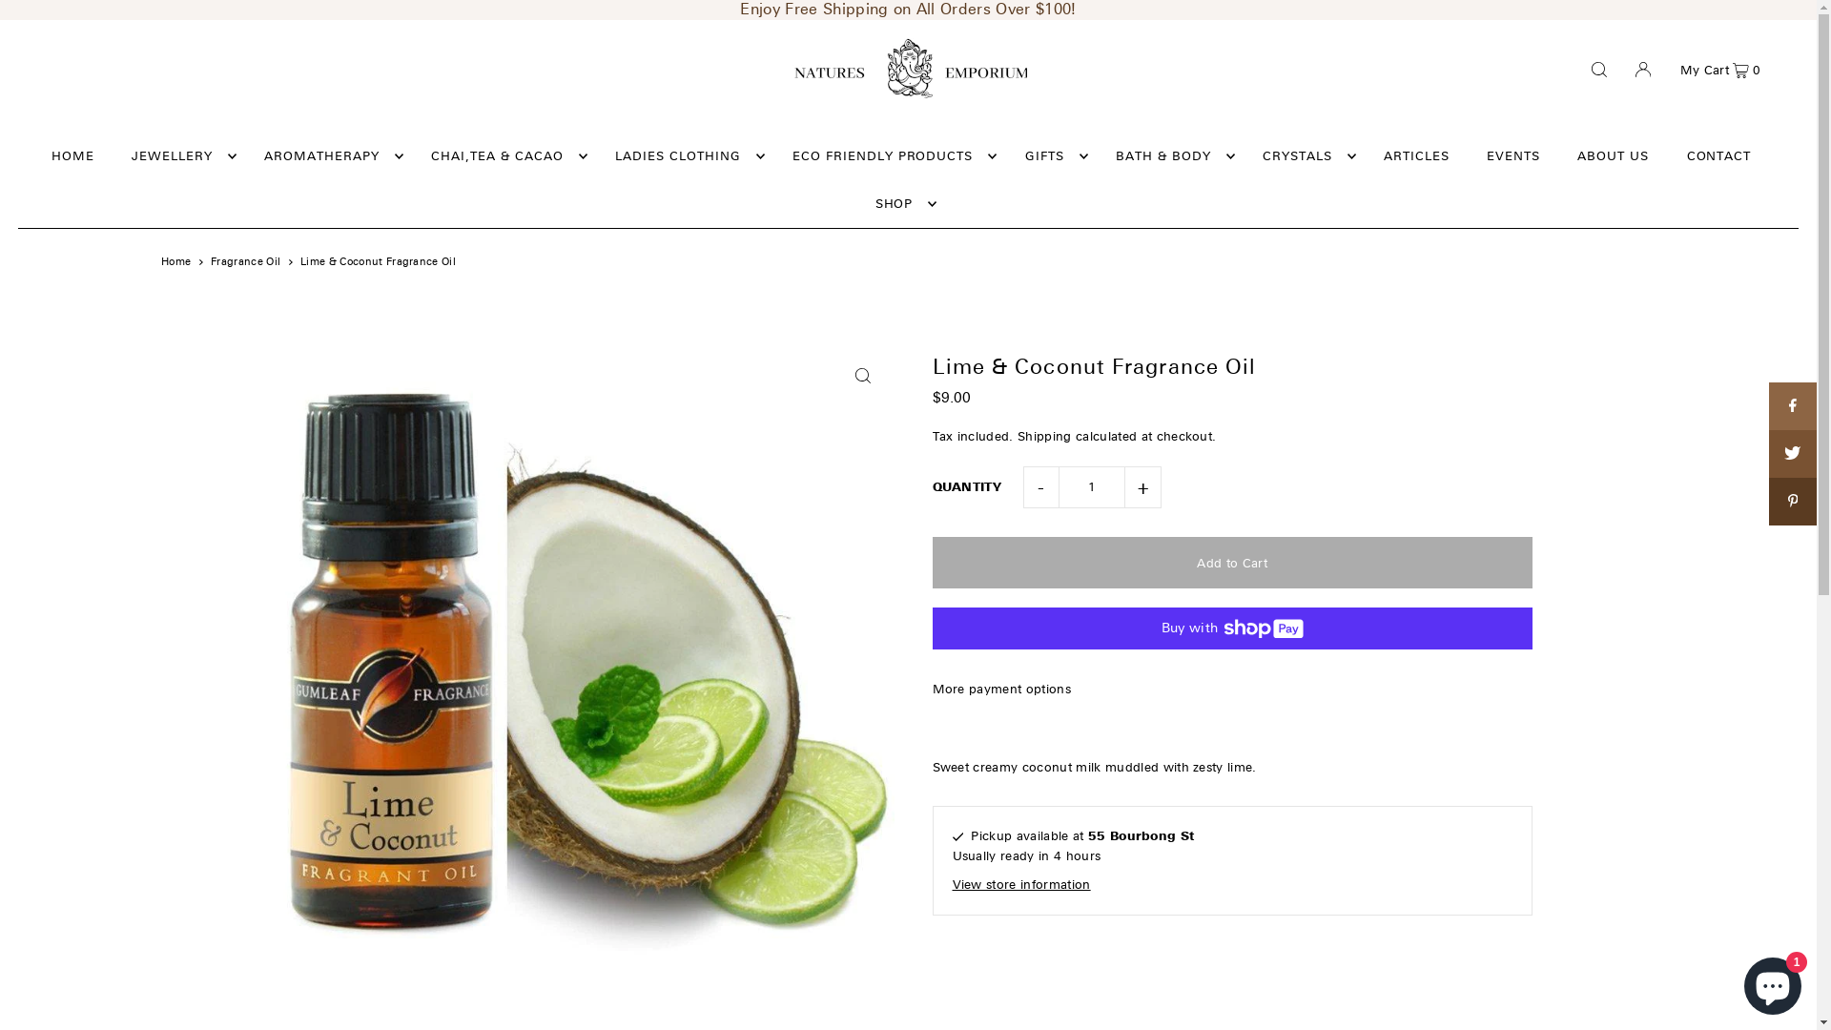 The height and width of the screenshot is (1030, 1831). I want to click on 'ABOUT US', so click(1612, 155).